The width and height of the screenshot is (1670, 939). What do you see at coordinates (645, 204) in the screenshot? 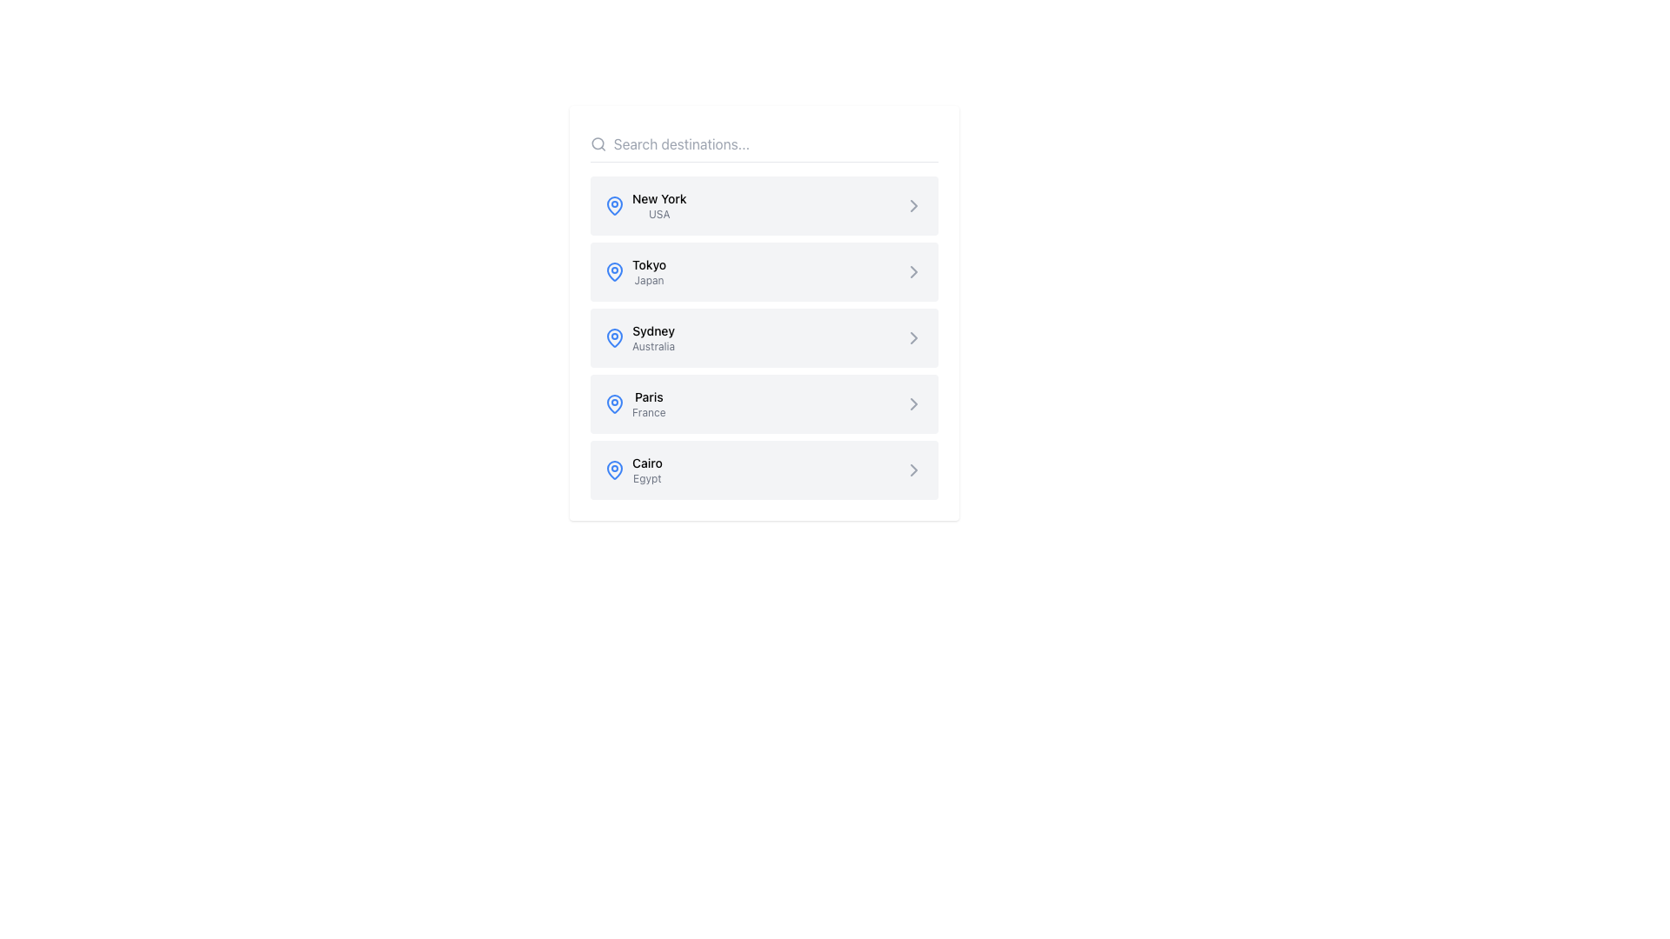
I see `the 'New York, USA' text within the first list item of the vertical menu` at bounding box center [645, 204].